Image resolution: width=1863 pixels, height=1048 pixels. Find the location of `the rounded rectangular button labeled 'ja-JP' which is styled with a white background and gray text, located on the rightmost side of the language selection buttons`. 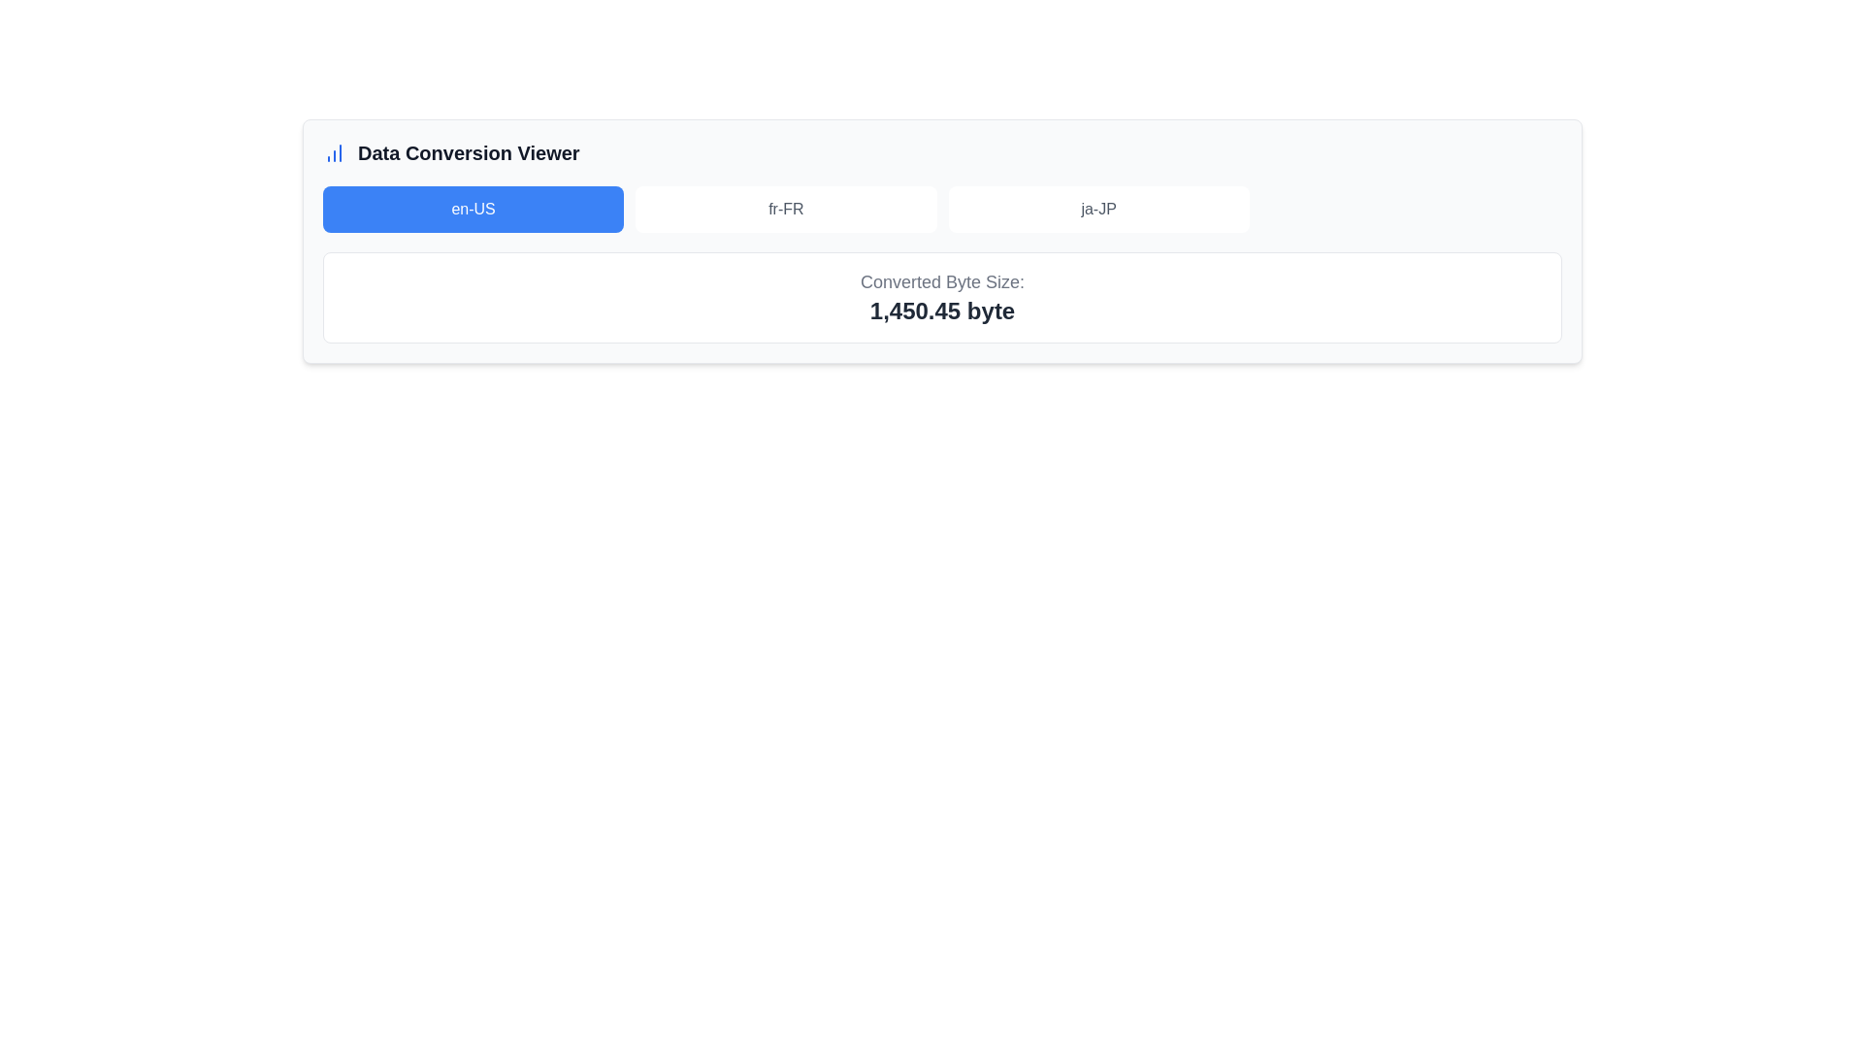

the rounded rectangular button labeled 'ja-JP' which is styled with a white background and gray text, located on the rightmost side of the language selection buttons is located at coordinates (1098, 210).